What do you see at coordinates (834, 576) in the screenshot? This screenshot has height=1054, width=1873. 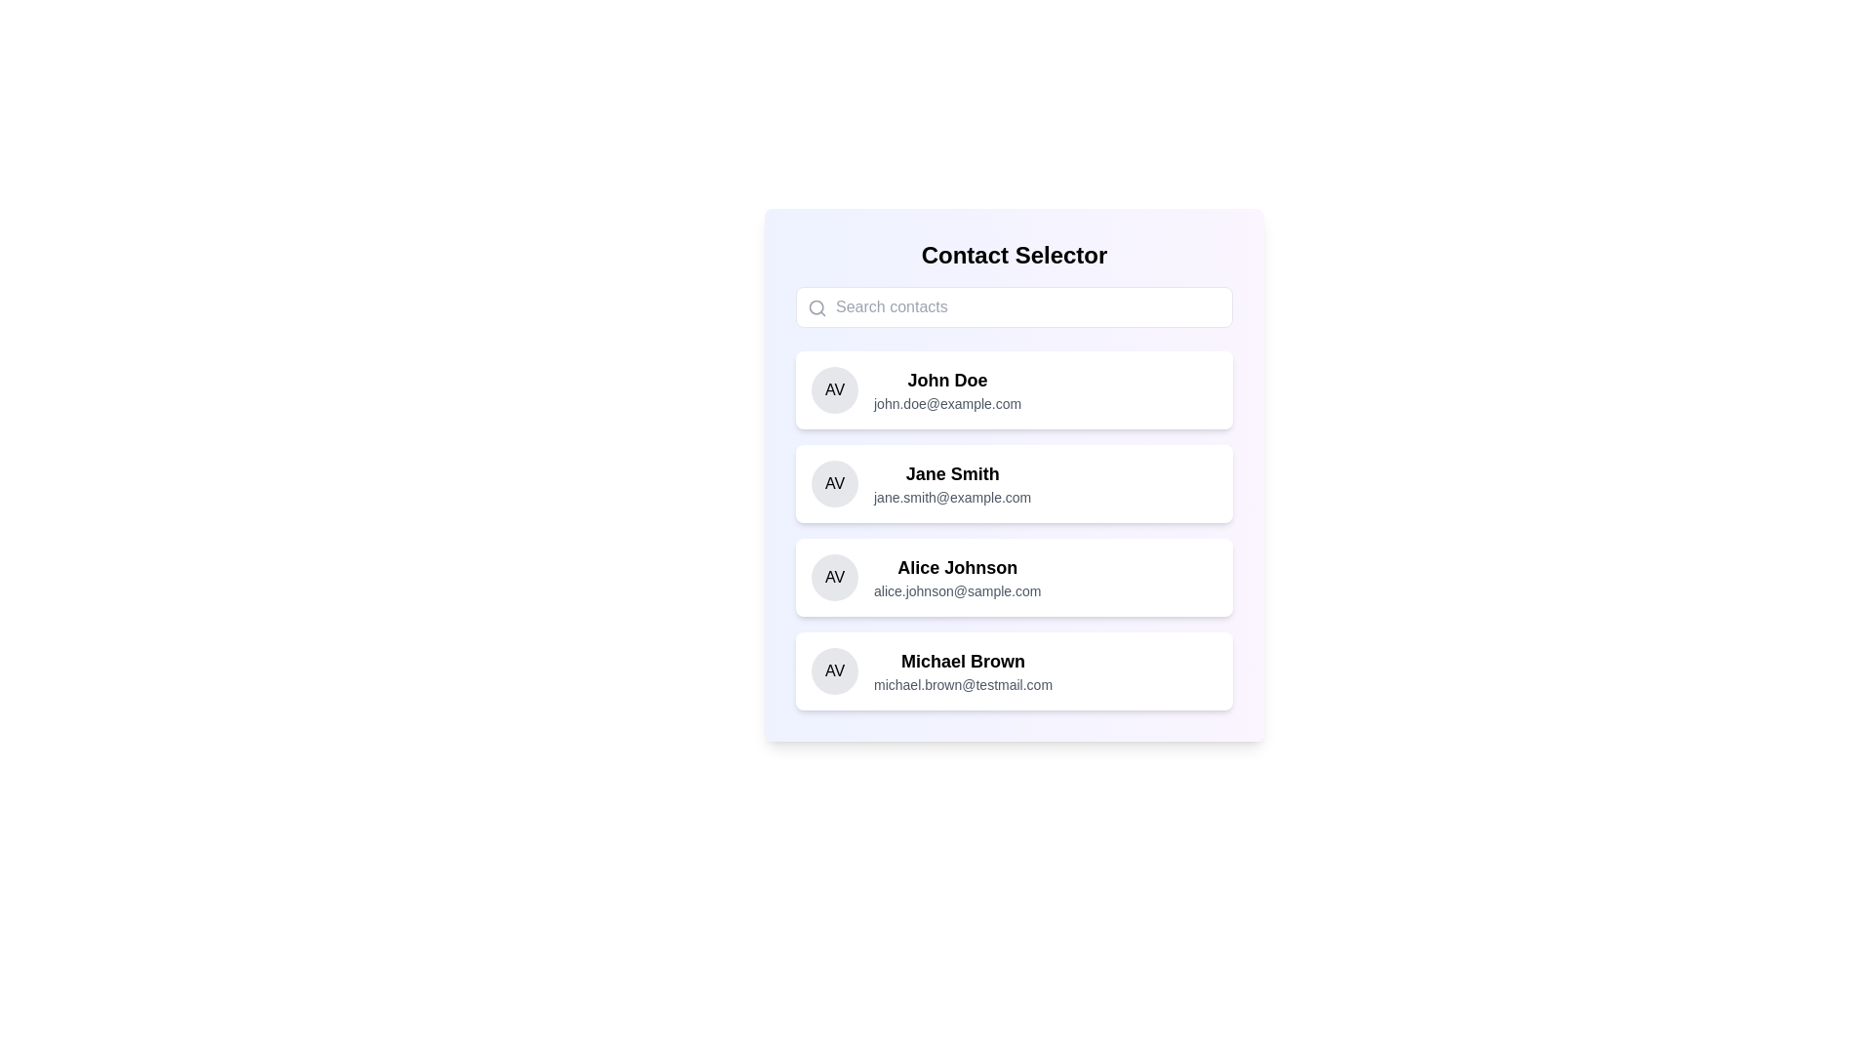 I see `the Profile Avatar Placeholder, which is a circular avatar with a gray background and 'AV' in bold black text, located to the left of the 'Alice Johnson' contact entry` at bounding box center [834, 576].